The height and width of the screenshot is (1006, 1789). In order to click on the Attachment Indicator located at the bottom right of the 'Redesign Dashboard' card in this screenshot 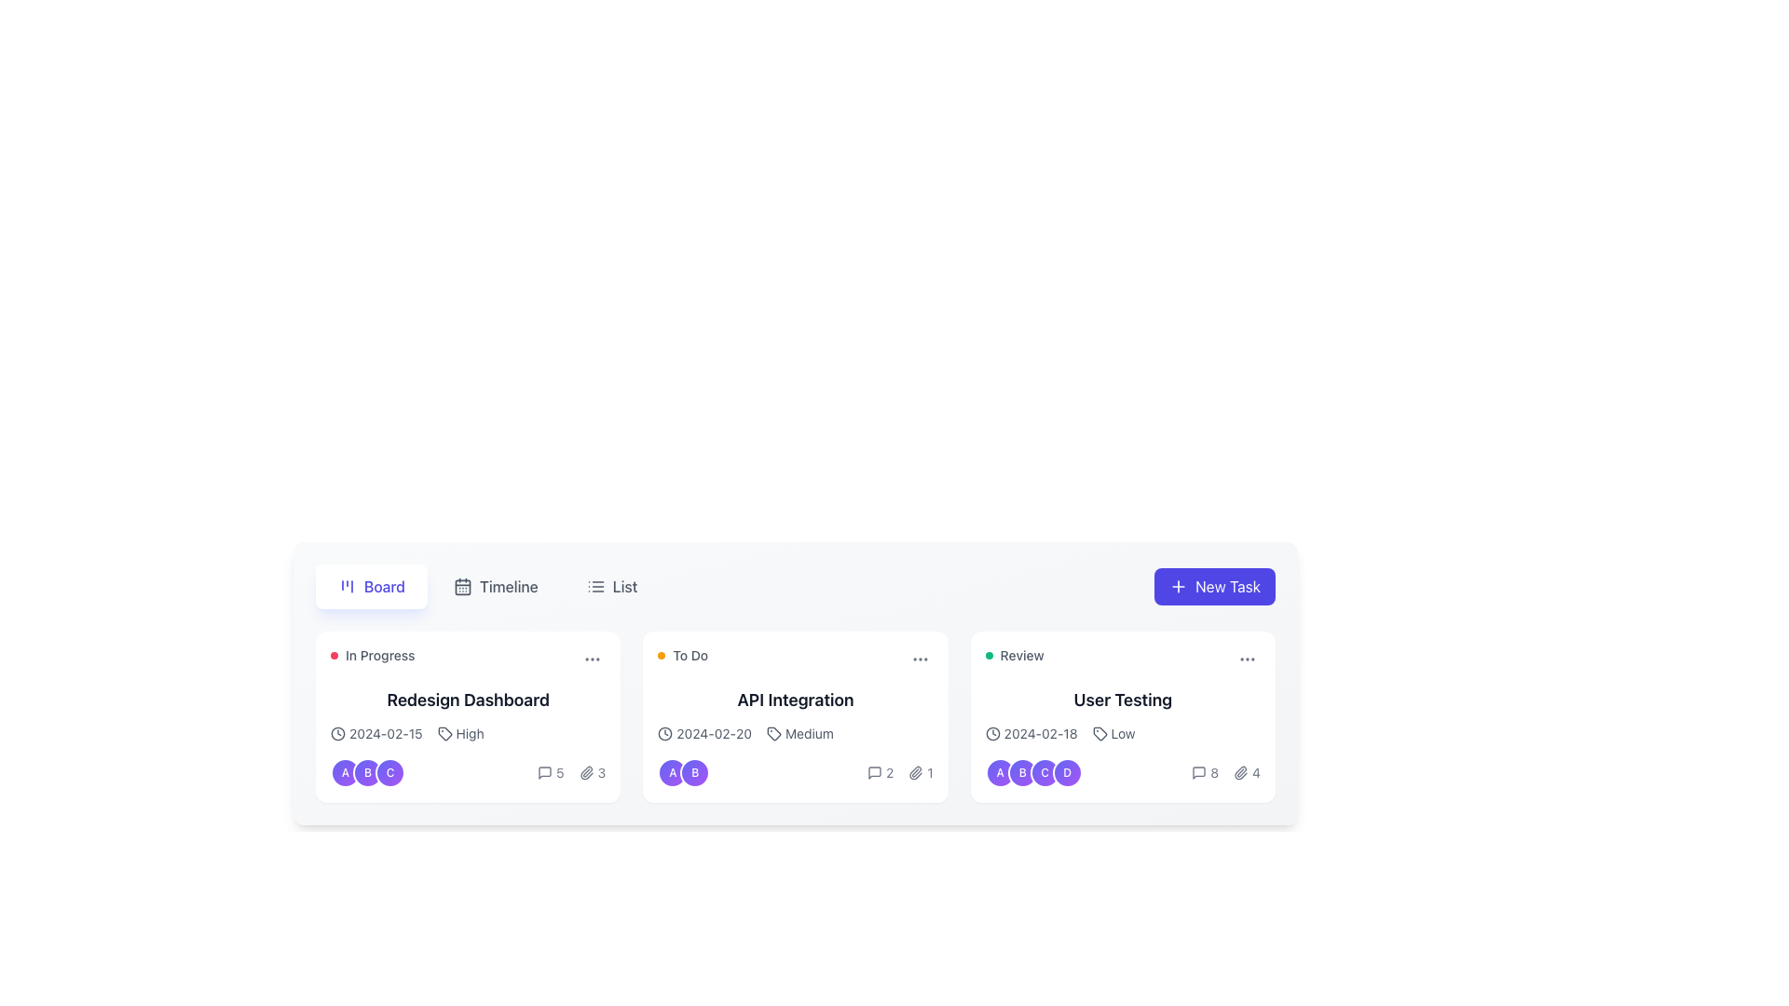, I will do `click(592, 772)`.